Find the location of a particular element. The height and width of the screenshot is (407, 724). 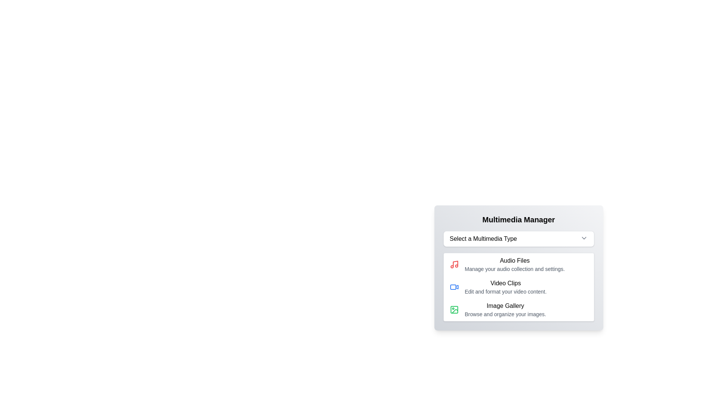

the 'Video Clips' icon located to the left of the 'Video Clips' text in the second row of the options list in the 'Multimedia Manager' section is located at coordinates (454, 287).